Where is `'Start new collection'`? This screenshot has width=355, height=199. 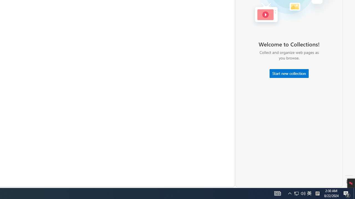
'Start new collection' is located at coordinates (289, 73).